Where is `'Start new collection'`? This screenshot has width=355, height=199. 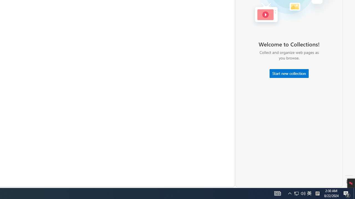
'Start new collection' is located at coordinates (289, 73).